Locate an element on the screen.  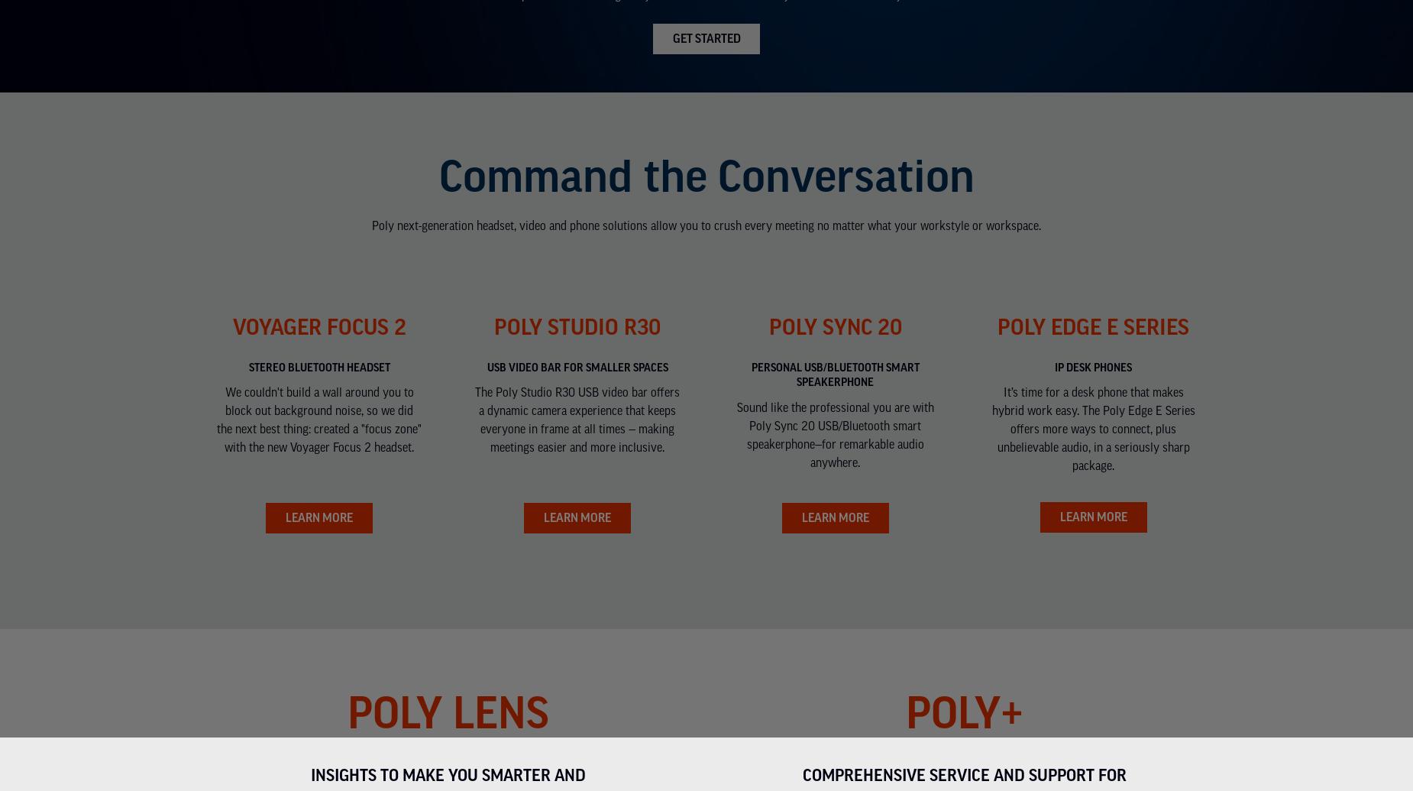
'The Poly Studio R30 USB video bar offers a dynamic camera experience that keeps everyone in frame at all times — making meetings easier and more inclusive.' is located at coordinates (474, 419).